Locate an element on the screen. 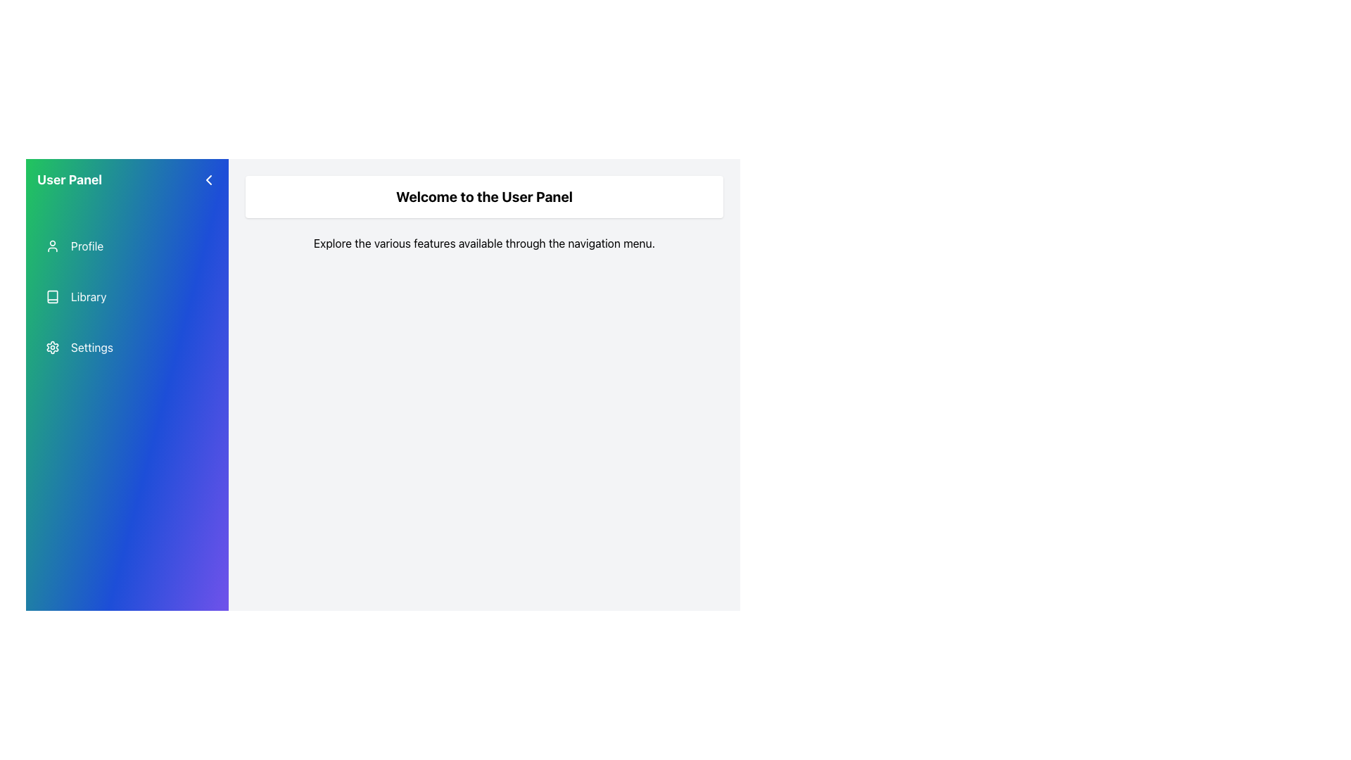 This screenshot has height=760, width=1351. the static text element that reads 'Explore the various features available through the navigation menu.', which is located directly below the title 'Welcome to the User Panel' is located at coordinates (484, 243).